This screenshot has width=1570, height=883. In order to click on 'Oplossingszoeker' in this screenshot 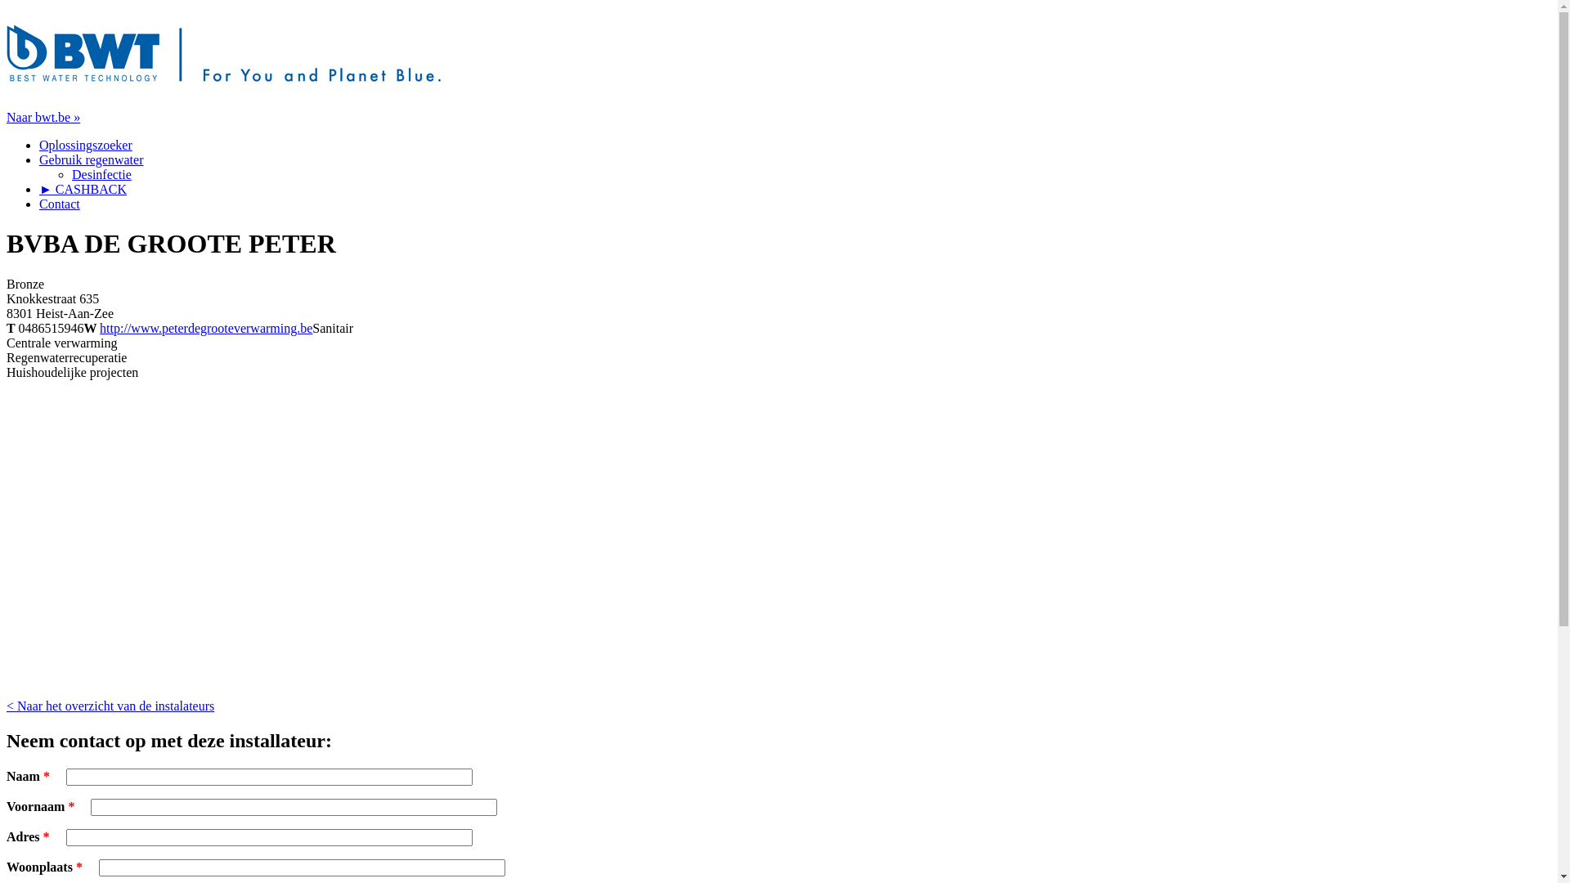, I will do `click(39, 144)`.